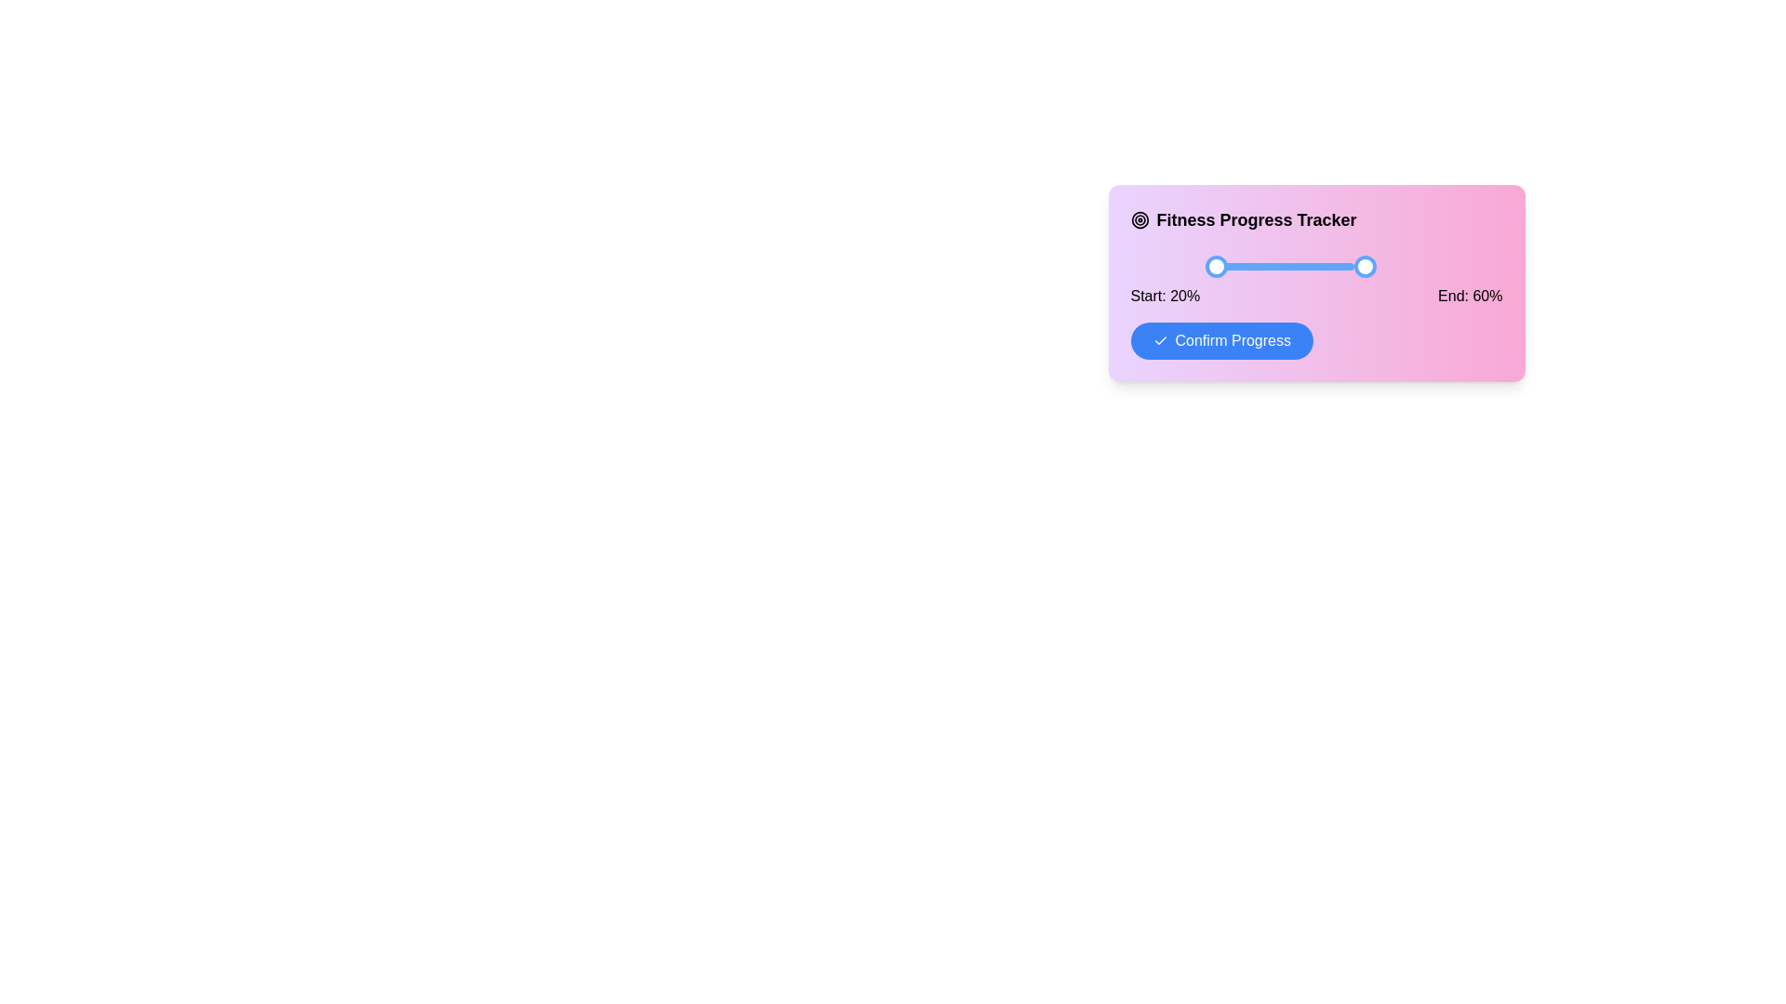 Image resolution: width=1786 pixels, height=1004 pixels. What do you see at coordinates (1139, 218) in the screenshot?
I see `the decorative icon associated with the 'Fitness Progress Tracker' title, located at the leftmost position in the header` at bounding box center [1139, 218].